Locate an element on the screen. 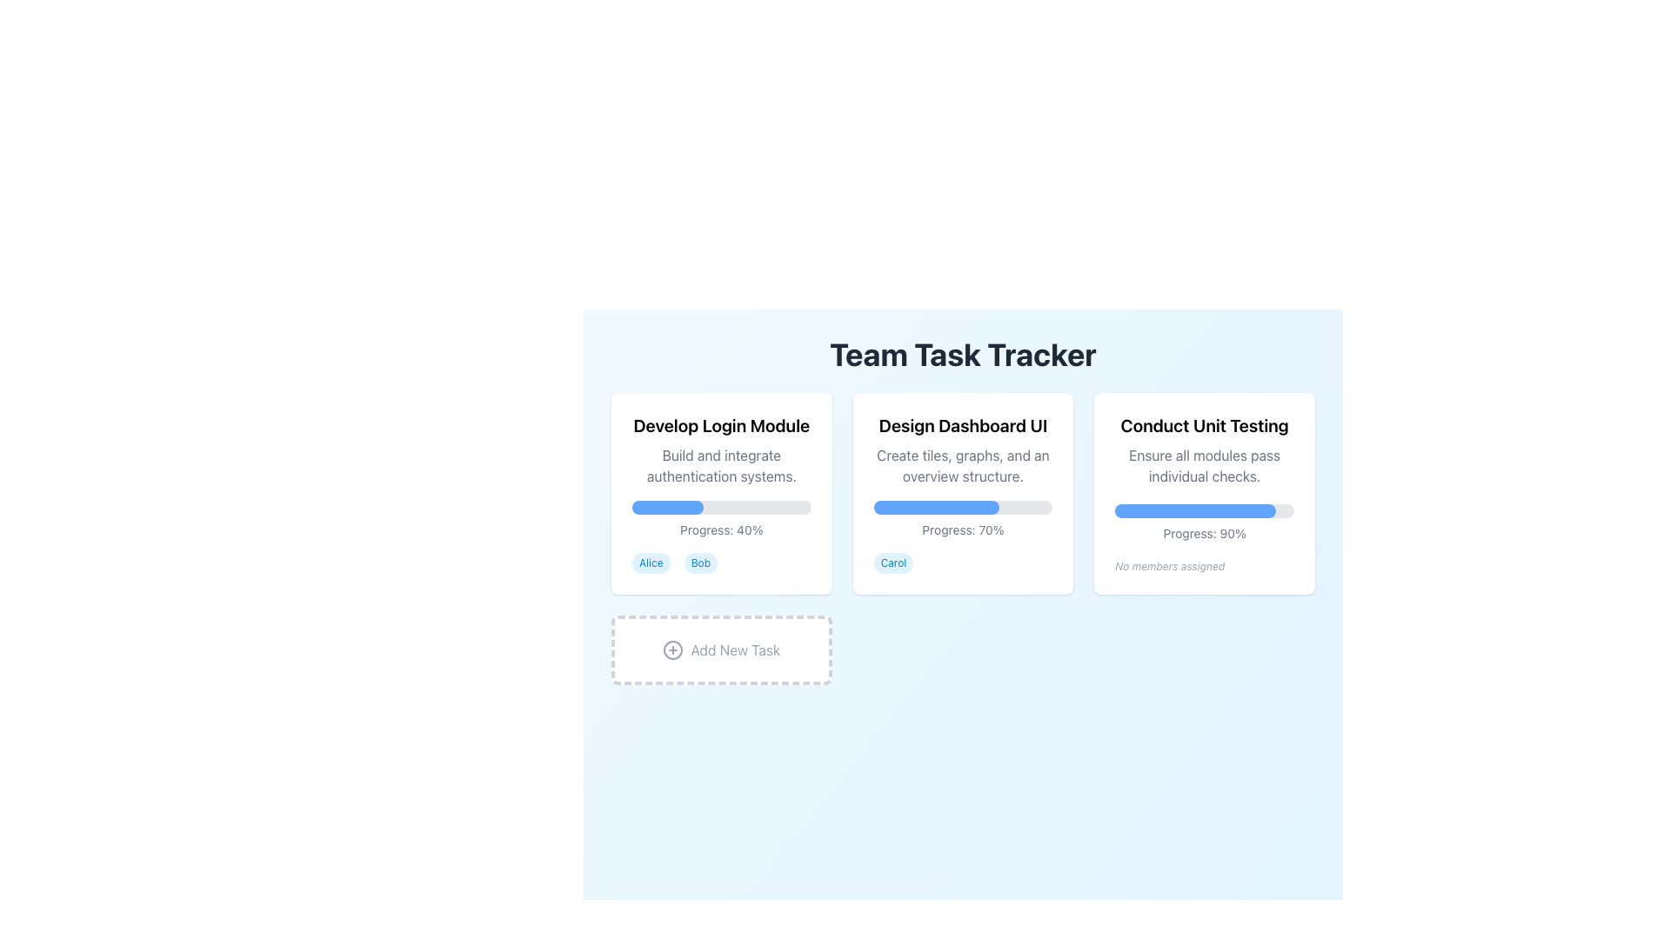 The width and height of the screenshot is (1670, 939). the progress bar value is located at coordinates (658, 507).